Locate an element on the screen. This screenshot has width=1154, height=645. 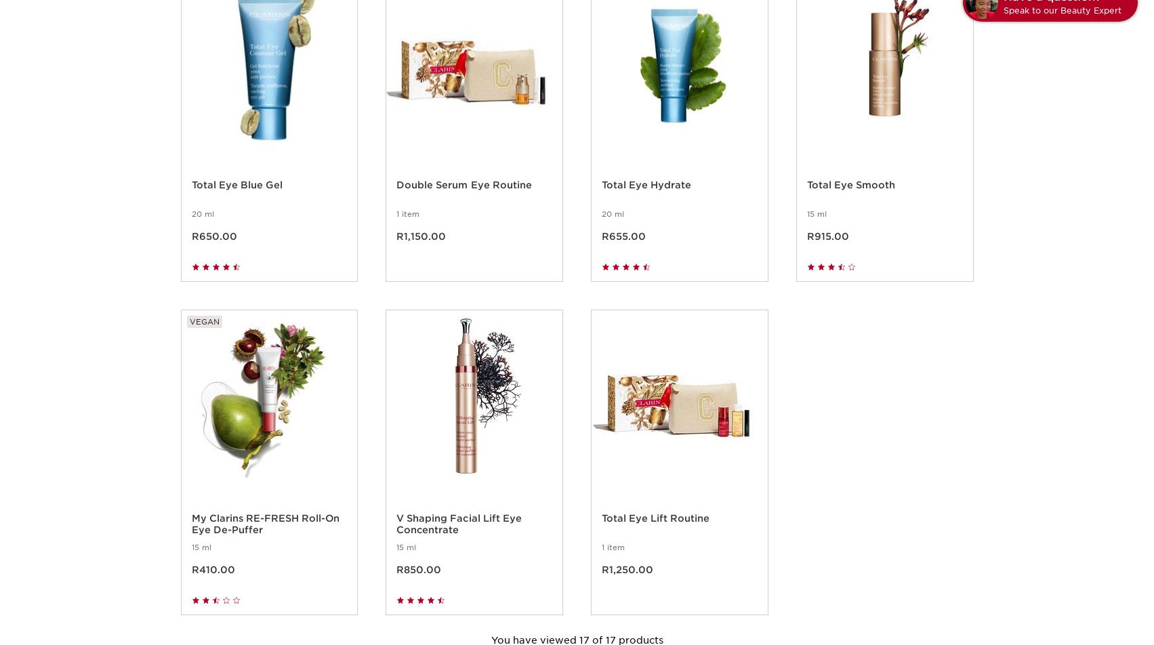
'R915.00' is located at coordinates (827, 252).